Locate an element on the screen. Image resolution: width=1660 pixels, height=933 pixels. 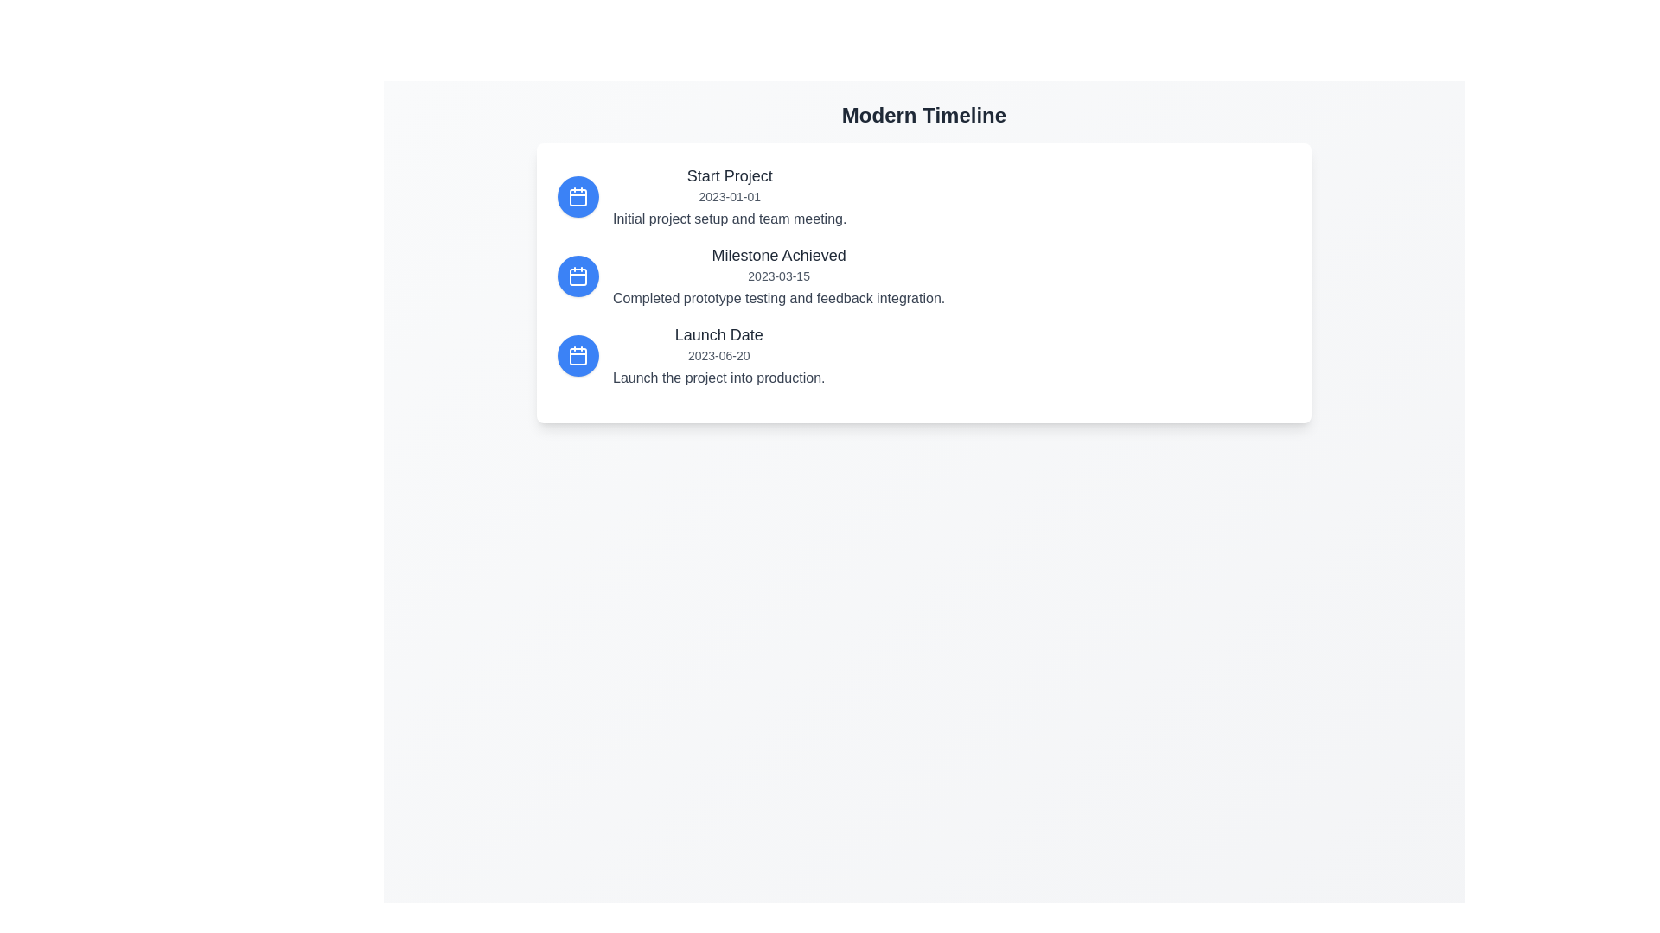
text content of the label 'Milestone Achieved', which is a large, bold, dark gray text positioned at the top of the second timeline card is located at coordinates (778, 256).